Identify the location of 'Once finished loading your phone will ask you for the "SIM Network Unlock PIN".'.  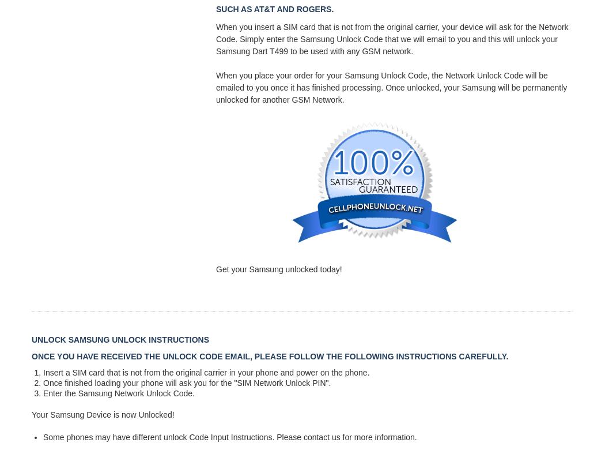
(187, 382).